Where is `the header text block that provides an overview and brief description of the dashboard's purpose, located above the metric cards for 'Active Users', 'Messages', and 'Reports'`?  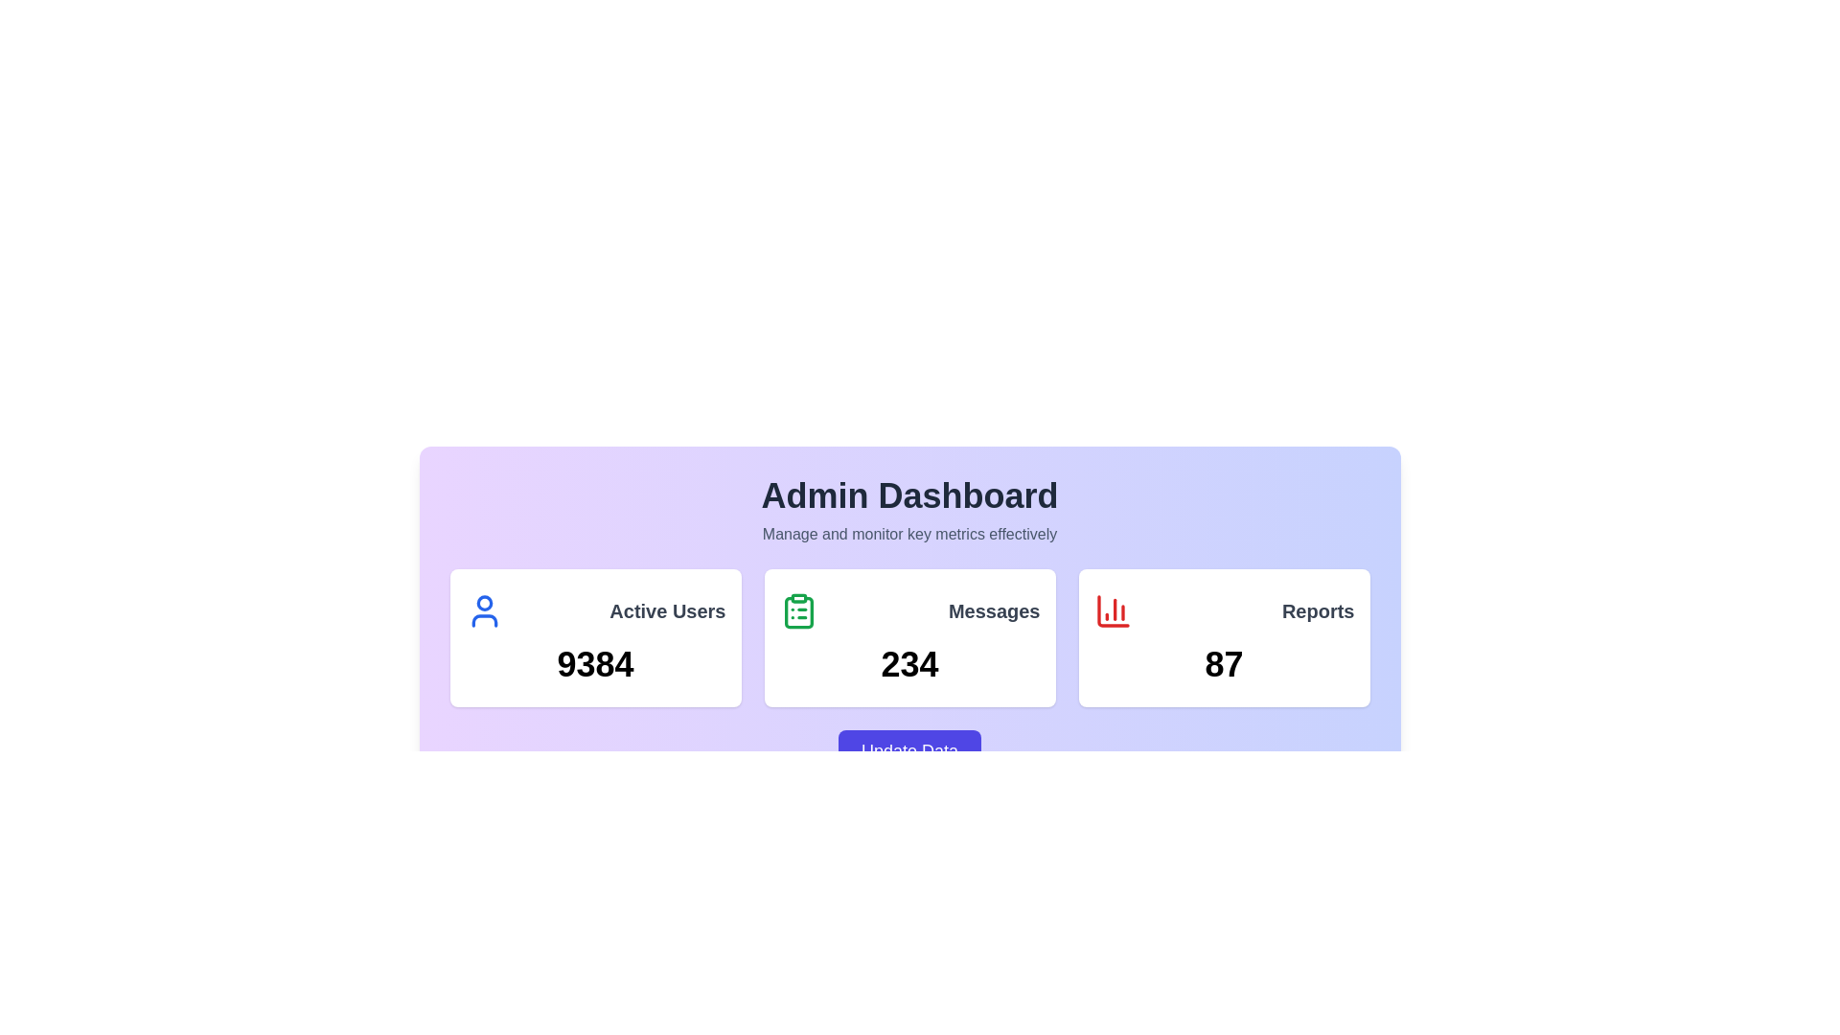
the header text block that provides an overview and brief description of the dashboard's purpose, located above the metric cards for 'Active Users', 'Messages', and 'Reports' is located at coordinates (908, 510).